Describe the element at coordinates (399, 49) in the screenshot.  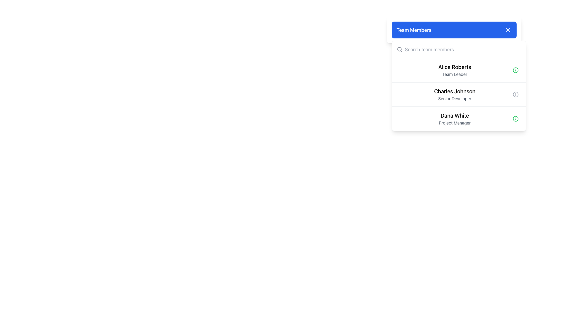
I see `the graphical icon part of the magnifying glass icon located on the left side of the 'Search team members' input field` at that location.